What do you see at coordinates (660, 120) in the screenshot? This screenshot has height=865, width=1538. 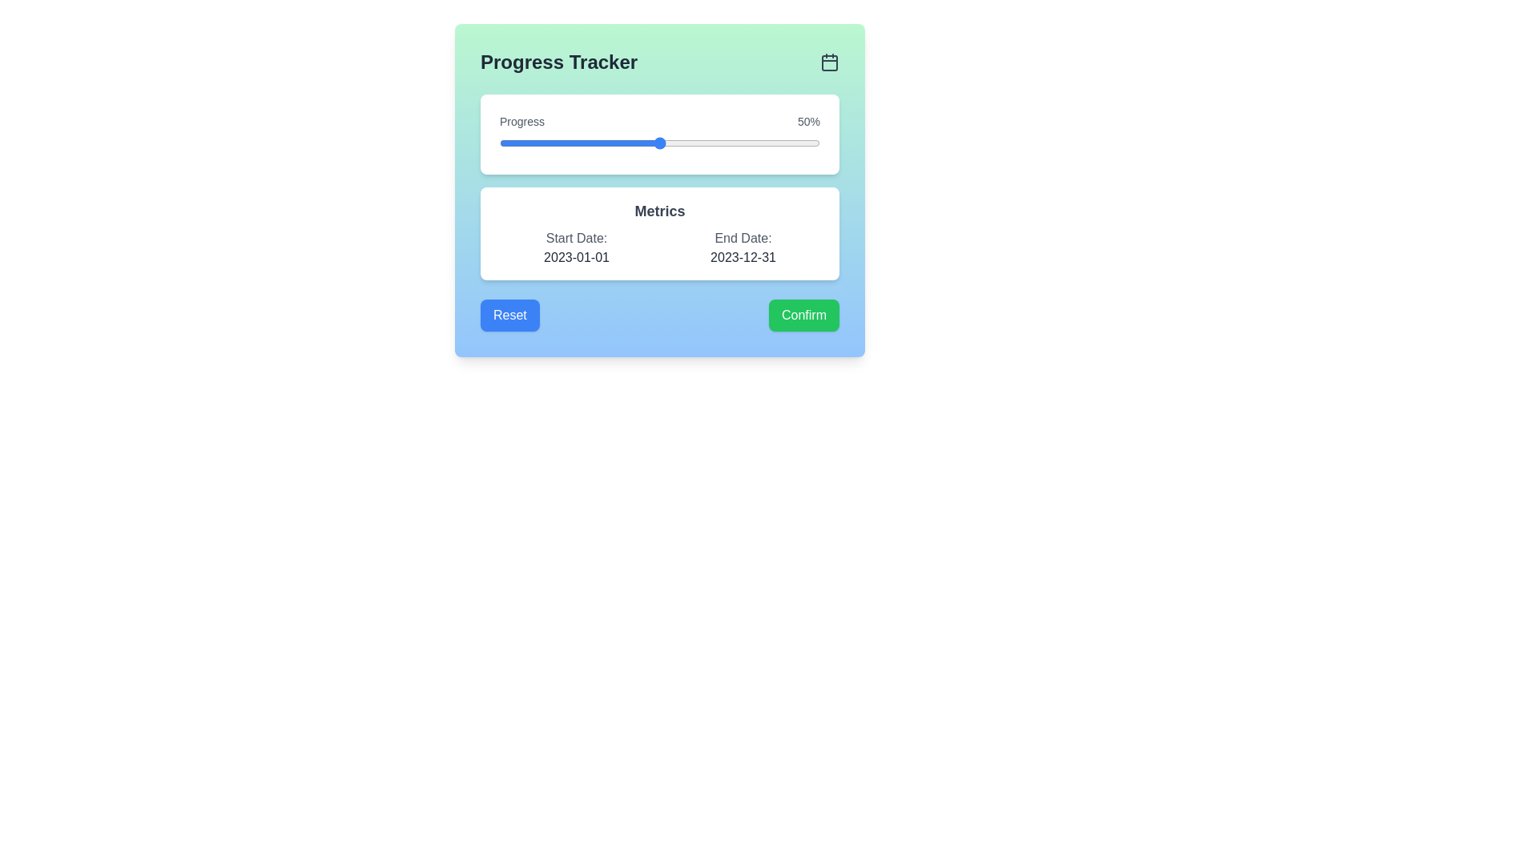 I see `the 'Progress' text label that displays '50%' in gray font on a white background, located at the top of a rectangular white card above a slider component` at bounding box center [660, 120].